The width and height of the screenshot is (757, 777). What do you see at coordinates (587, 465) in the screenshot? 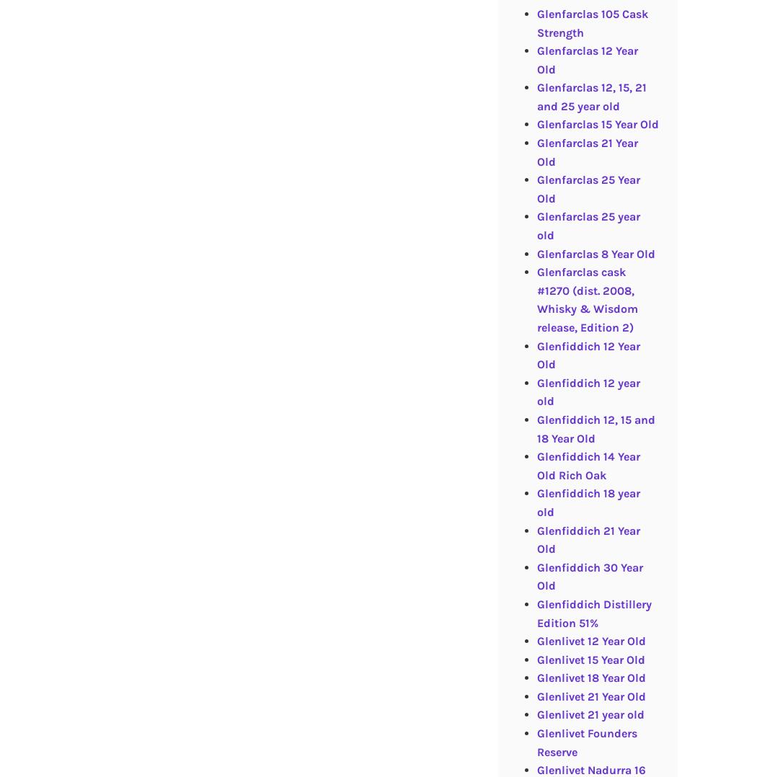
I see `'Glenfiddich 14 Year Old Rich Oak'` at bounding box center [587, 465].